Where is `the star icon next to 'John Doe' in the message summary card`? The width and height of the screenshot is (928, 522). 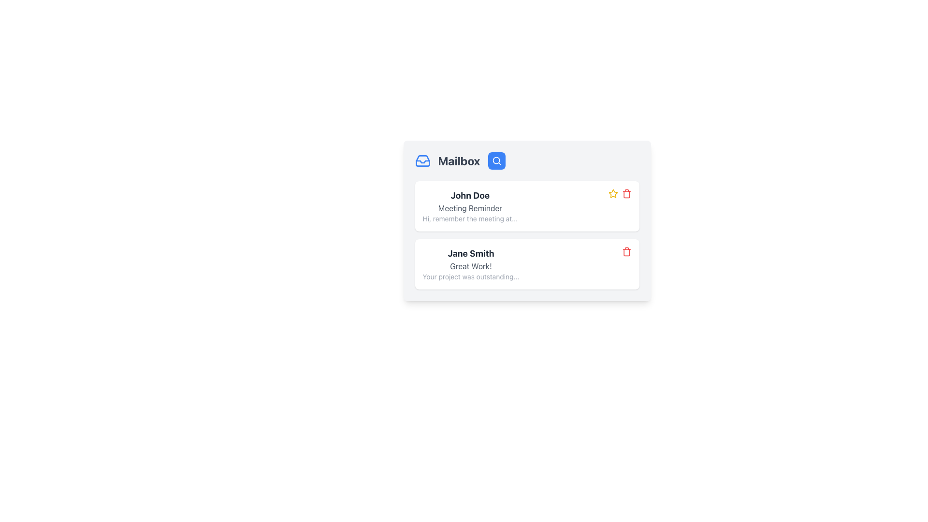 the star icon next to 'John Doe' in the message summary card is located at coordinates (612, 193).